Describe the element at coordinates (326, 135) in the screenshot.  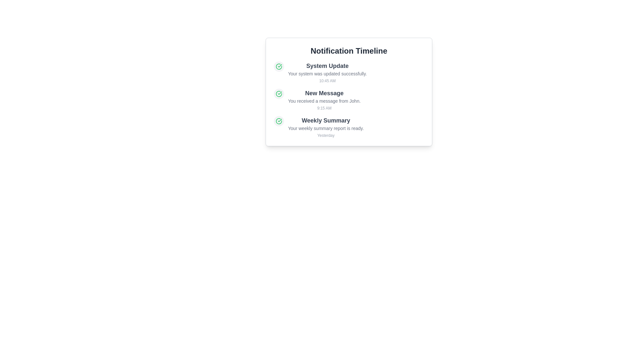
I see `the static text displaying 'Yesterday' in light gray color, which is positioned below the title 'Weekly Summary' and the description text 'Your weekly summary report is ready.'` at that location.